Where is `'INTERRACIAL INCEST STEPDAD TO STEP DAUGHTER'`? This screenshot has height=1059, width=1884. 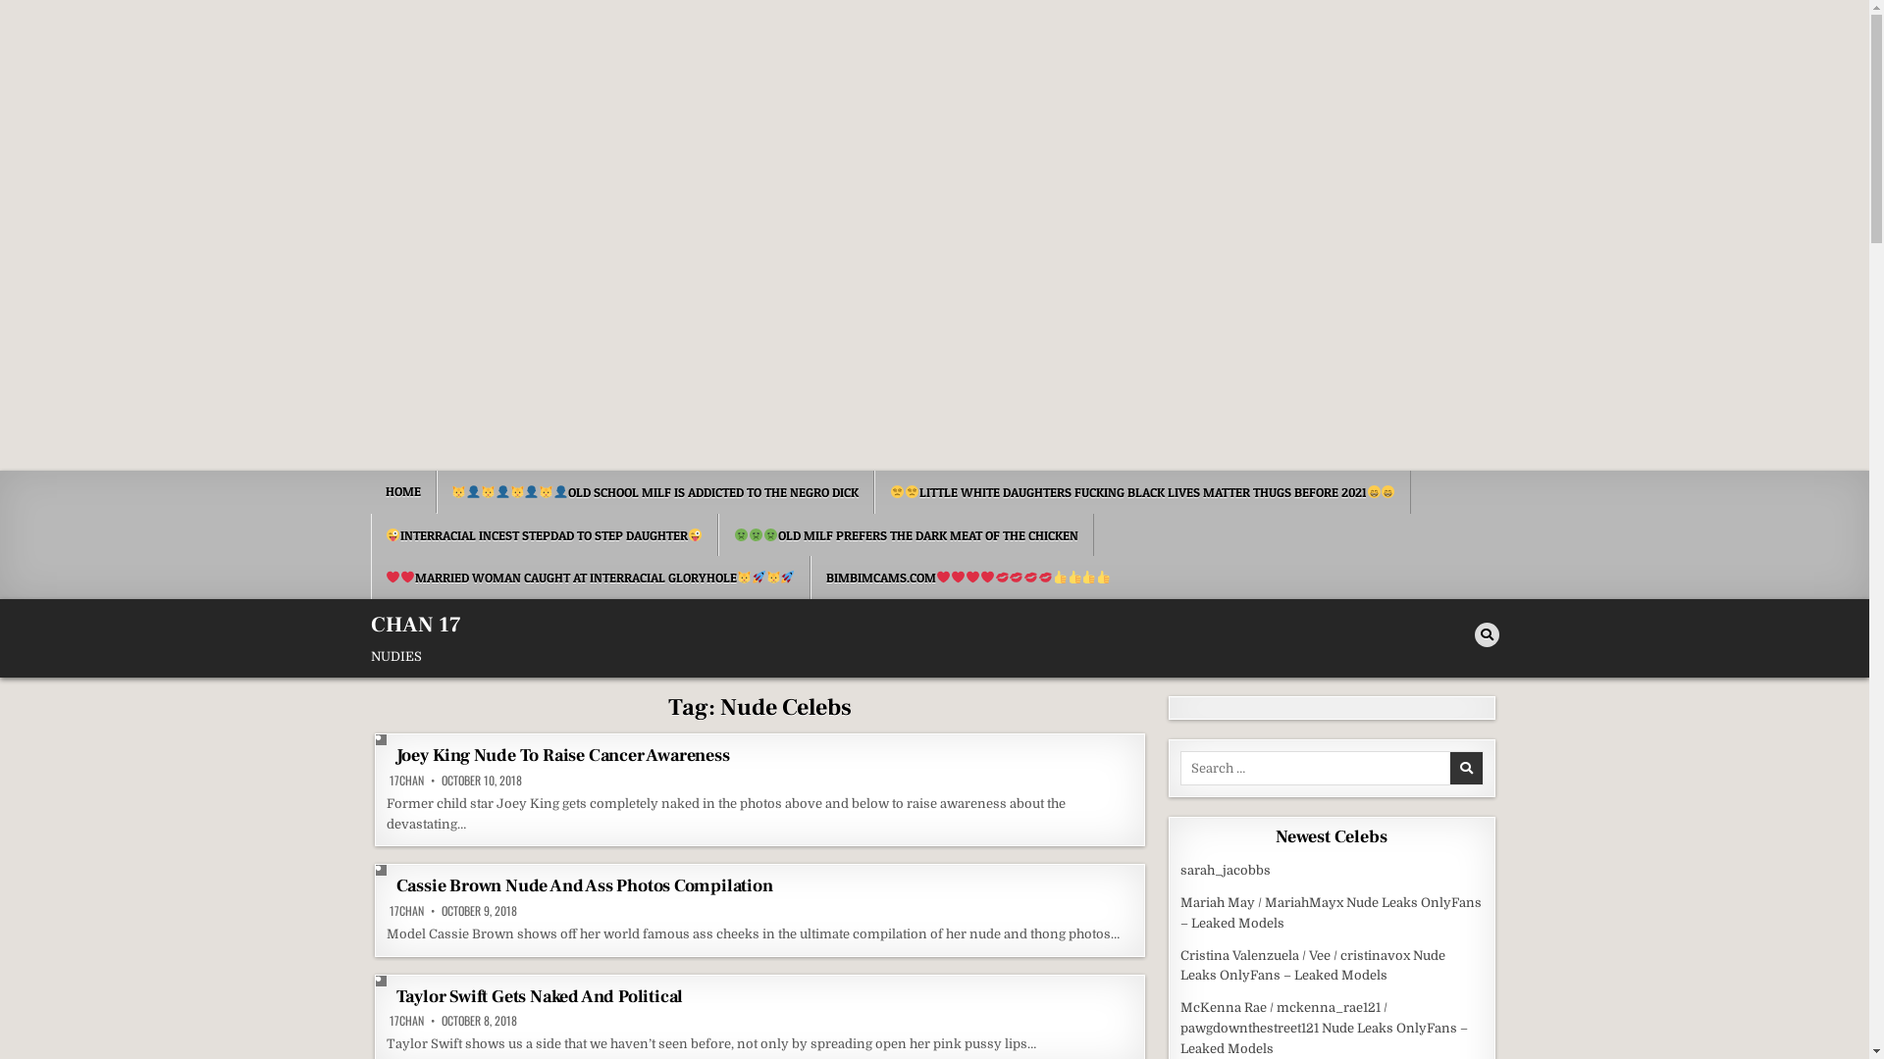 'INTERRACIAL INCEST STEPDAD TO STEP DAUGHTER' is located at coordinates (545, 535).